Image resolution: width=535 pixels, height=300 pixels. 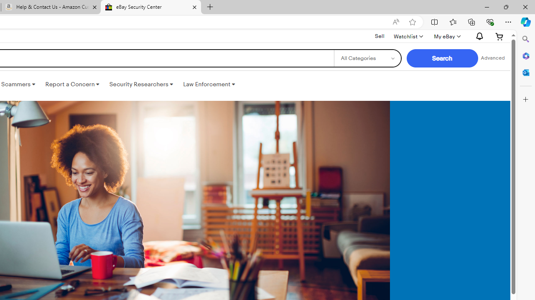 I want to click on 'Watchlist', so click(x=408, y=36).